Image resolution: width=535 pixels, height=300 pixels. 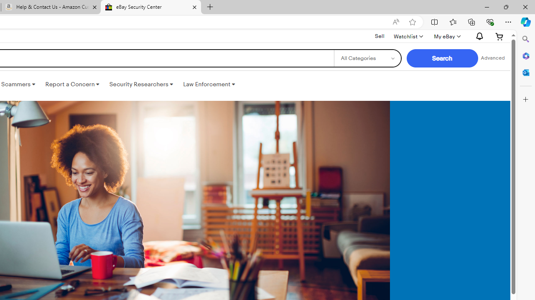 I want to click on 'Watchlist', so click(x=408, y=36).